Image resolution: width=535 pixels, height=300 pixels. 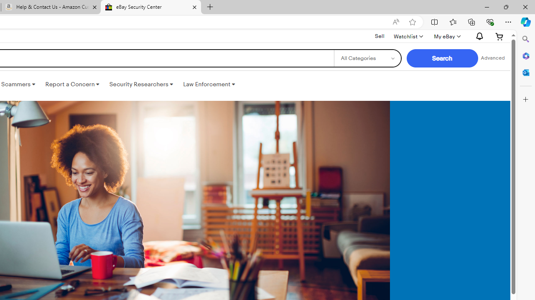 I want to click on 'Watchlist', so click(x=408, y=36).